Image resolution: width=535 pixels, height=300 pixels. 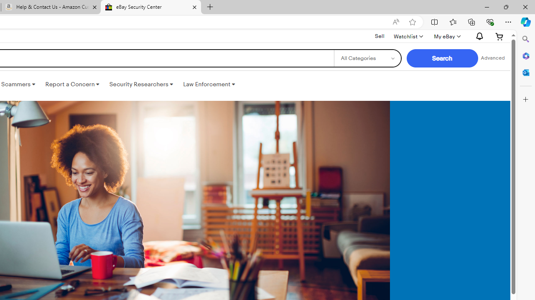 I want to click on 'Watchlist', so click(x=408, y=36).